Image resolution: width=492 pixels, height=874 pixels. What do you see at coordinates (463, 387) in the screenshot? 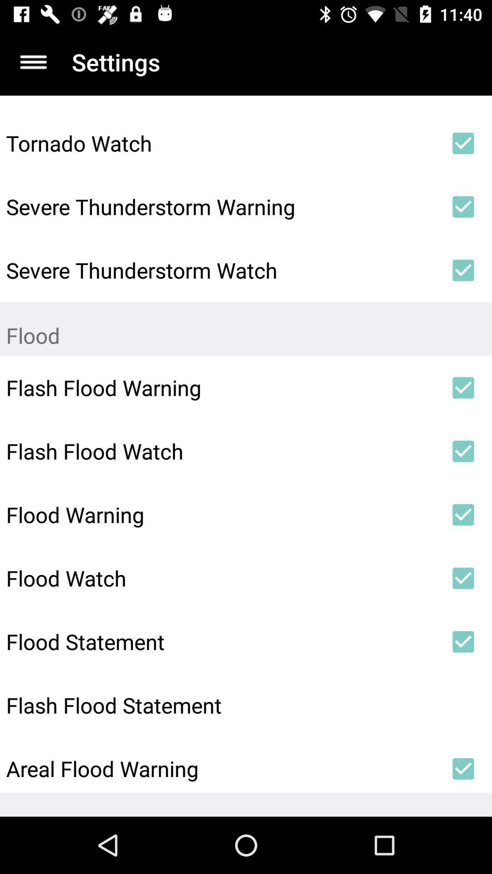
I see `item to the right of the flash flood warning item` at bounding box center [463, 387].